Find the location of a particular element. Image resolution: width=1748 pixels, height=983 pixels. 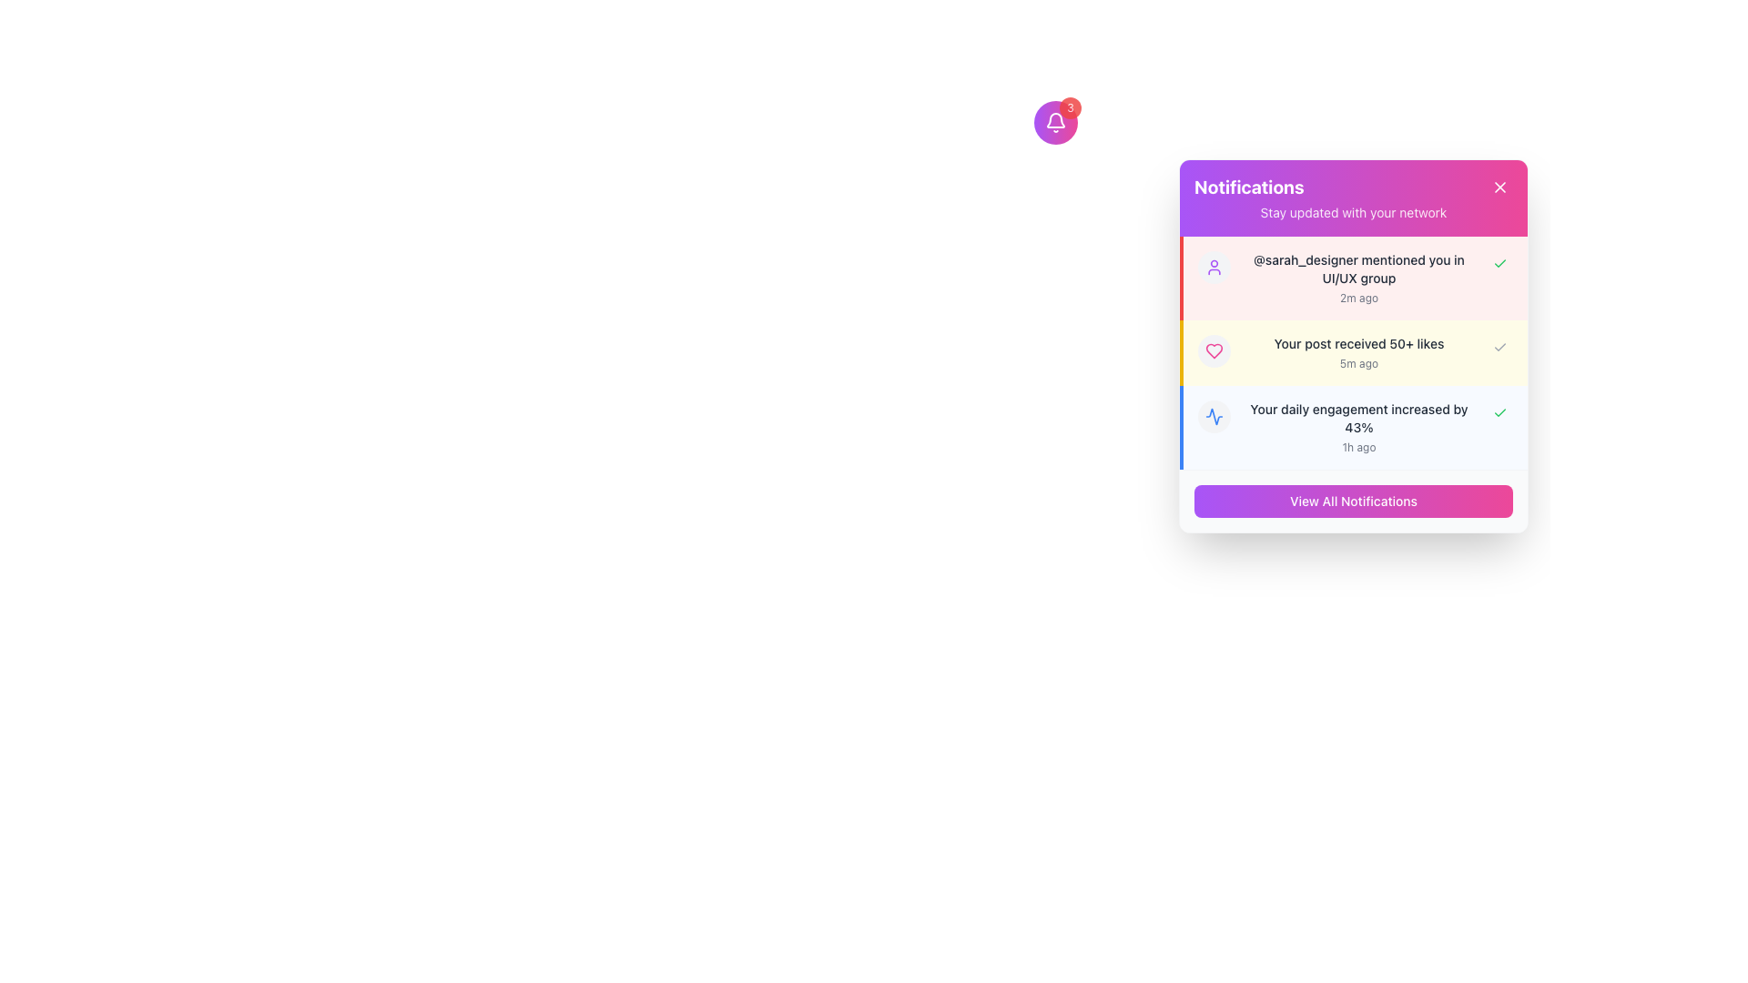

the button on the right side of the notification stating '@sarah_designer mentioned you in UI/UX group' to mark the notification as read is located at coordinates (1499, 263).